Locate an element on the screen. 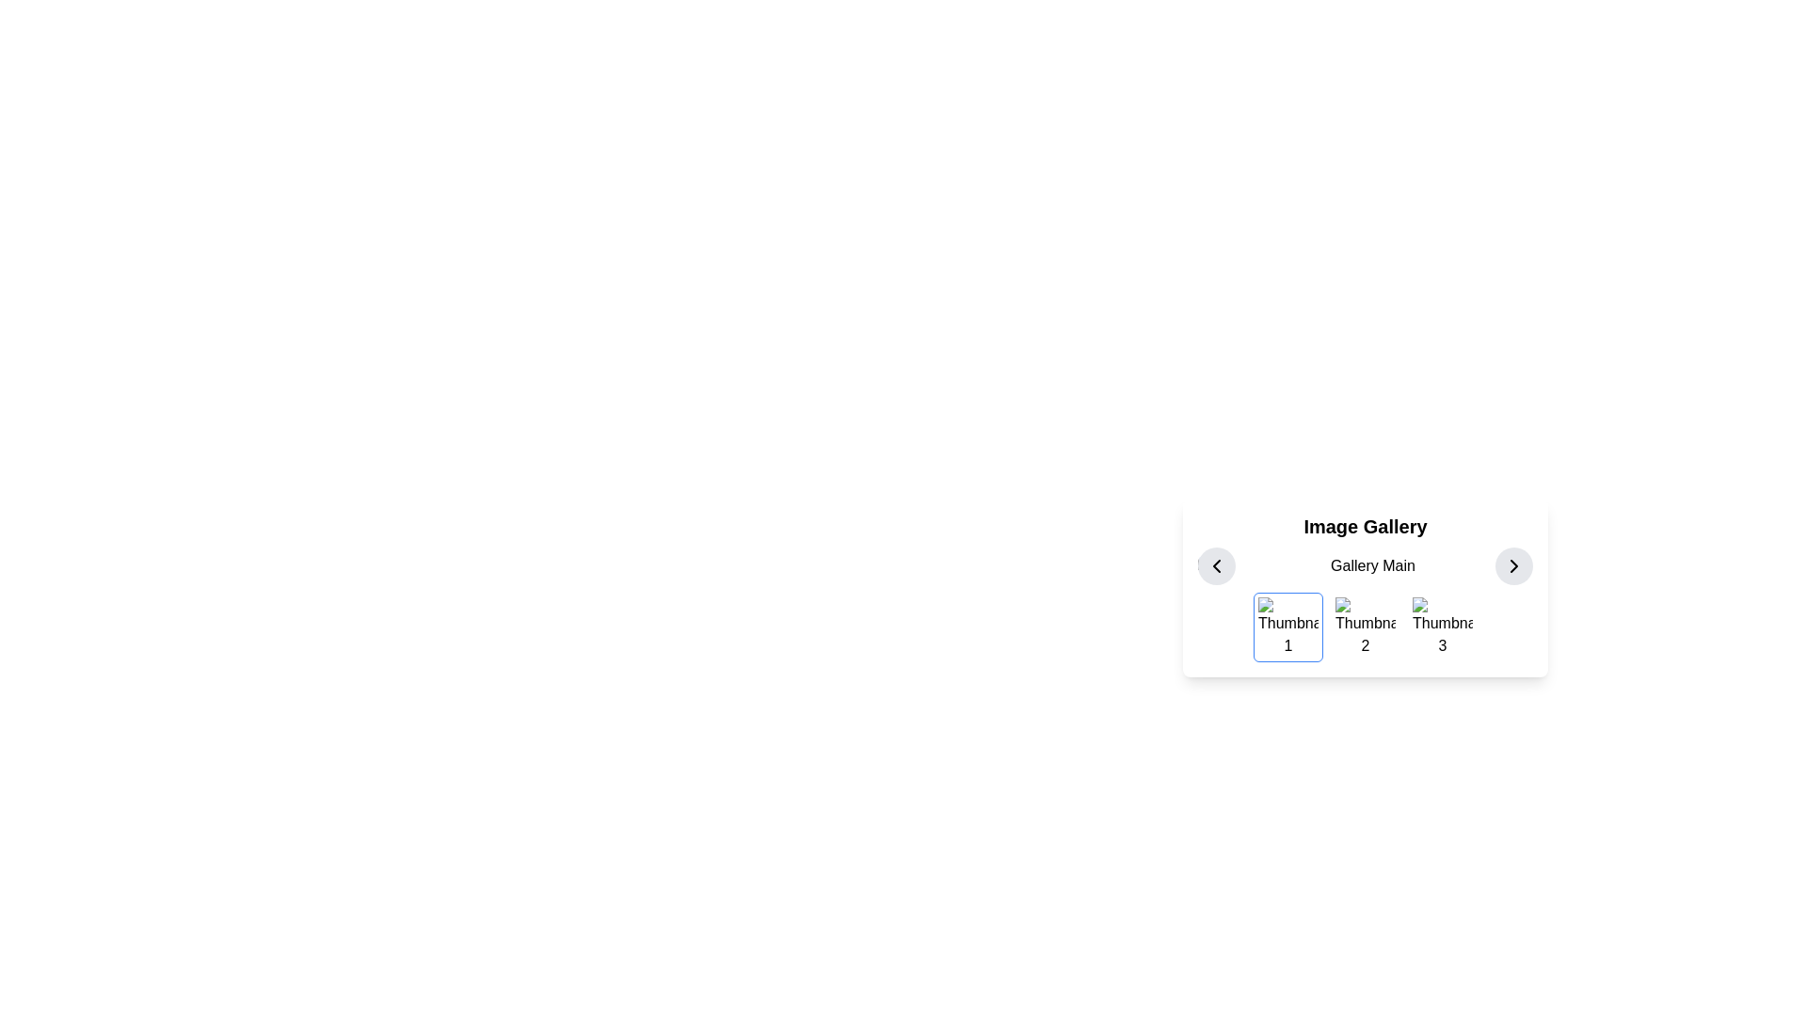  the rightmost thumbnail image marked 'Thumbnail 3' is located at coordinates (1441, 627).